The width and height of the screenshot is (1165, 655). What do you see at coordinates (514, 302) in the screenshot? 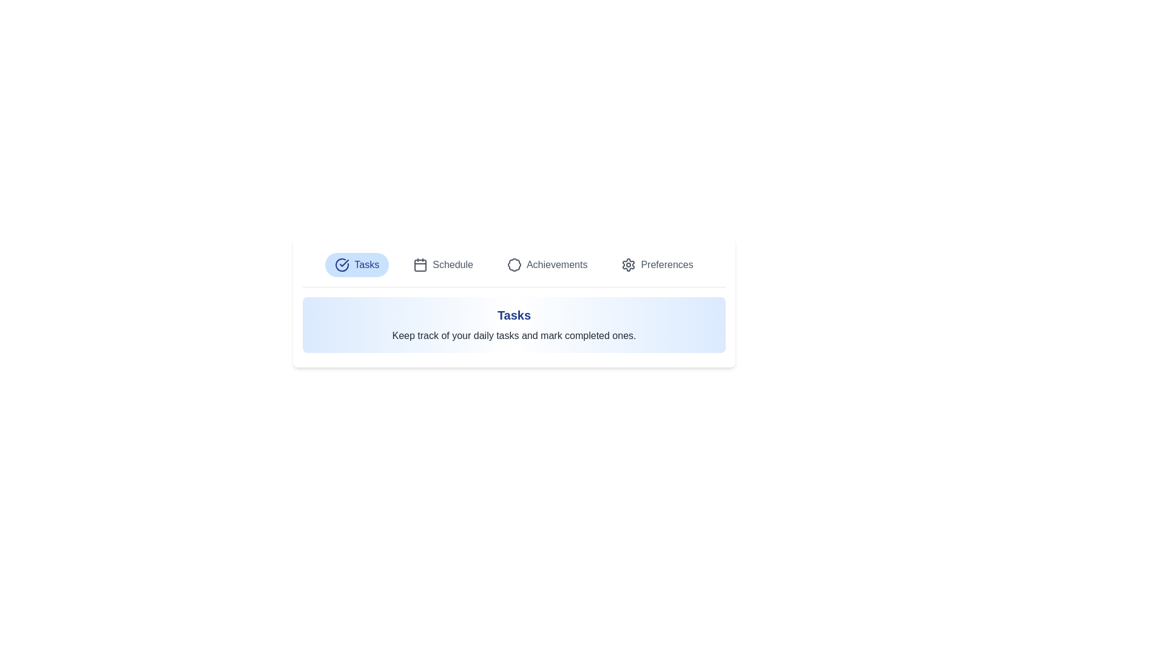
I see `the informational panel that provides an overview of the 'Tasks' functionality to read its content` at bounding box center [514, 302].